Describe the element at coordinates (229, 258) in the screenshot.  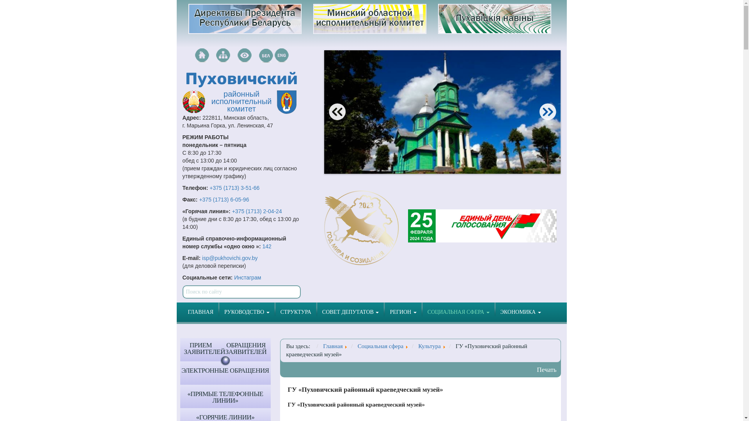
I see `'isp@pukhovichi.gov.by'` at that location.